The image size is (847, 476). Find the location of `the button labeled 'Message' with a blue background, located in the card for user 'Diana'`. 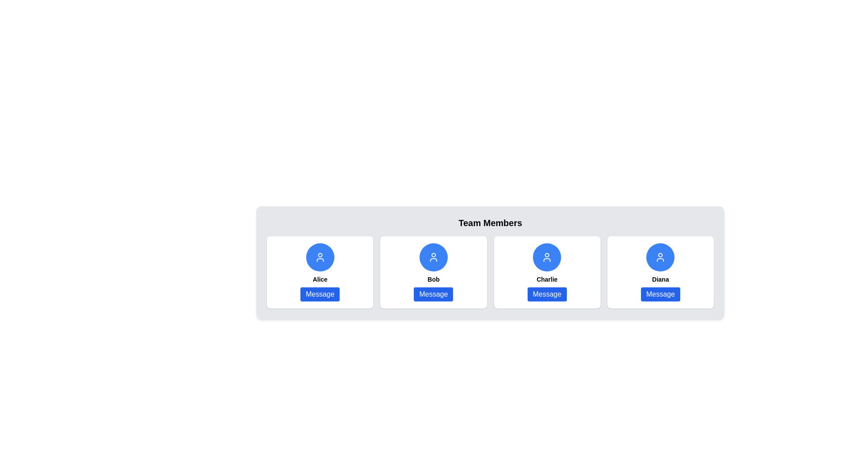

the button labeled 'Message' with a blue background, located in the card for user 'Diana' is located at coordinates (660, 294).